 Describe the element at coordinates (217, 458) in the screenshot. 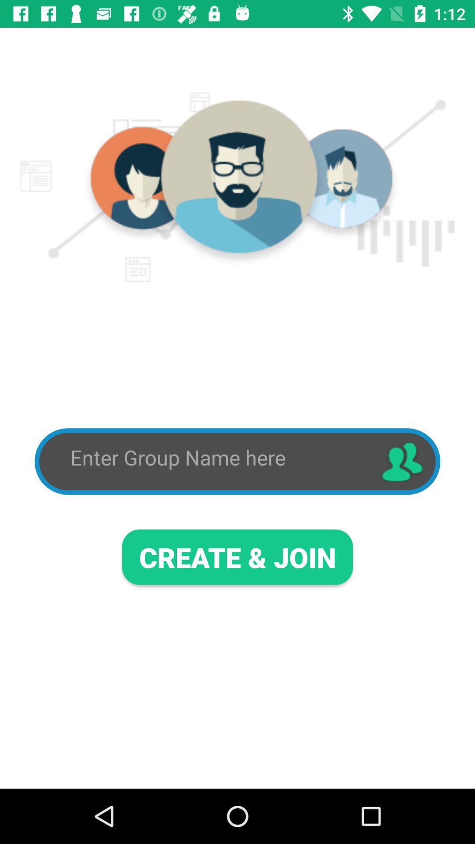

I see `group name here` at that location.